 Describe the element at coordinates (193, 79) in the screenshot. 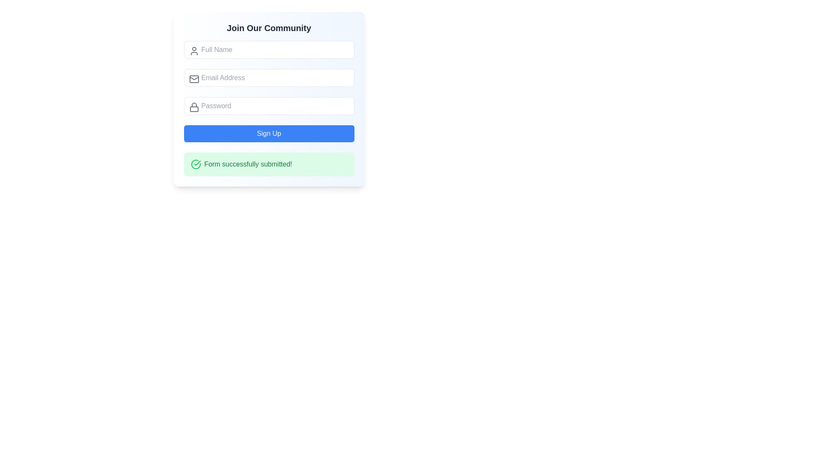

I see `the mail icon styled as an envelope located to the left of the 'Email Address' input field` at that location.